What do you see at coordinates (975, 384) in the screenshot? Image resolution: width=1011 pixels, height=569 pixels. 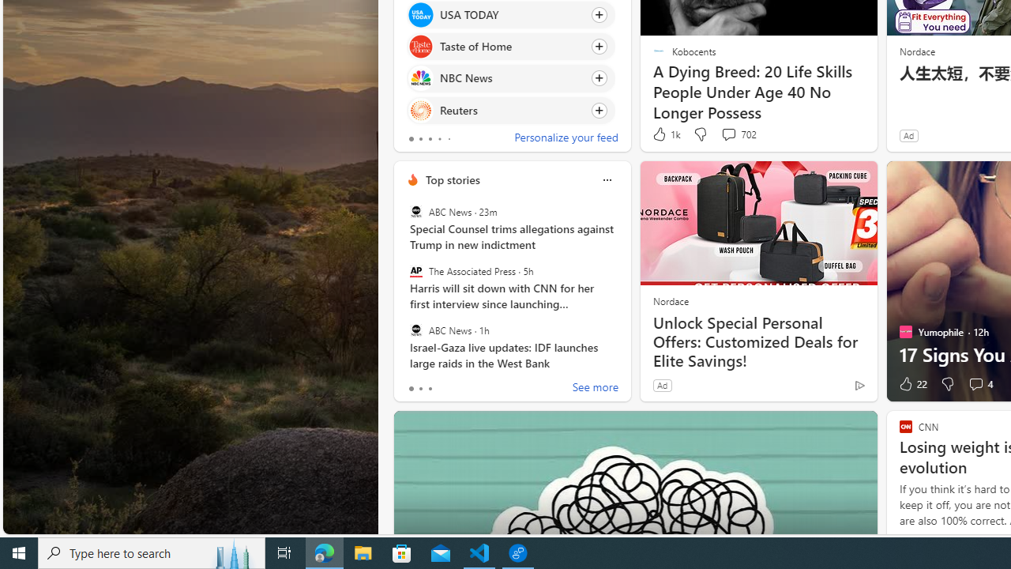 I see `'View comments 4 Comment'` at bounding box center [975, 384].